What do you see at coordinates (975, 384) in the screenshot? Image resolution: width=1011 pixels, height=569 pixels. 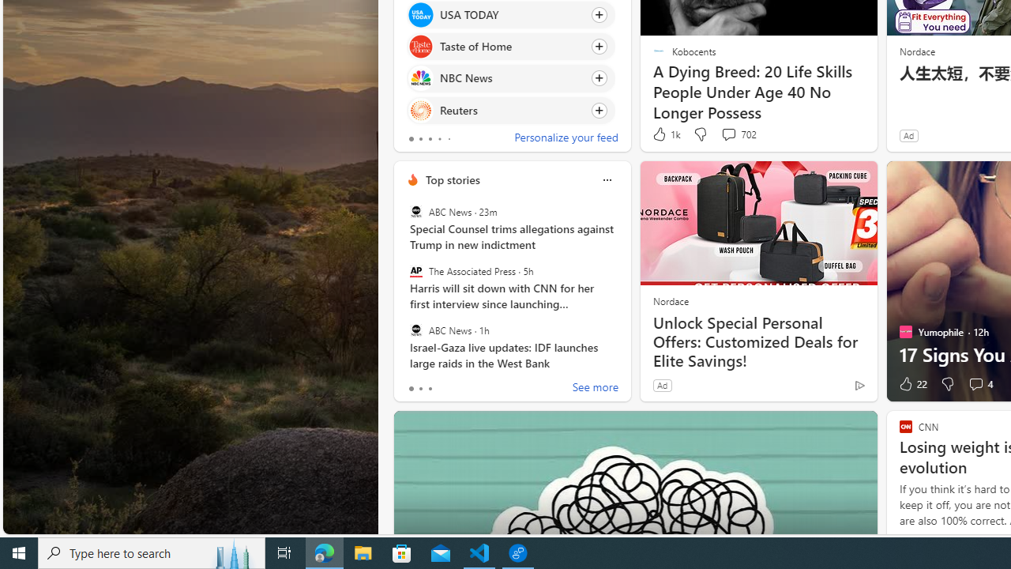 I see `'View comments 4 Comment'` at bounding box center [975, 384].